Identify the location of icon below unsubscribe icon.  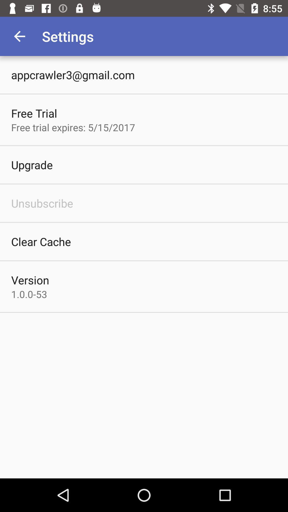
(41, 241).